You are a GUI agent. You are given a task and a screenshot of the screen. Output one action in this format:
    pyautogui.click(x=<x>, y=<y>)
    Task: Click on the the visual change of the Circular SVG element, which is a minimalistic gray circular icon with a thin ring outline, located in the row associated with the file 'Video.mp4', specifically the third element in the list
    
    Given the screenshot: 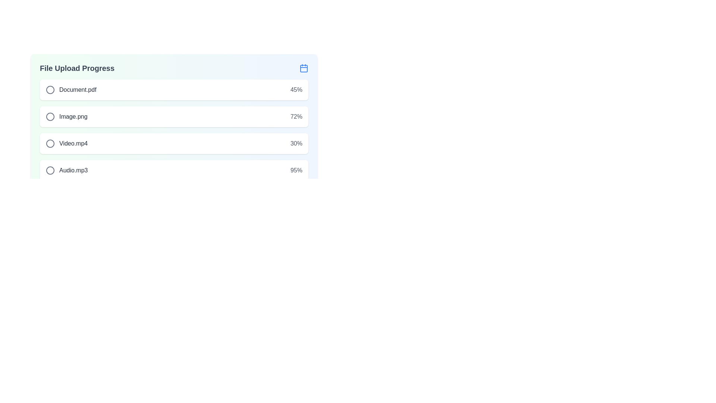 What is the action you would take?
    pyautogui.click(x=50, y=144)
    